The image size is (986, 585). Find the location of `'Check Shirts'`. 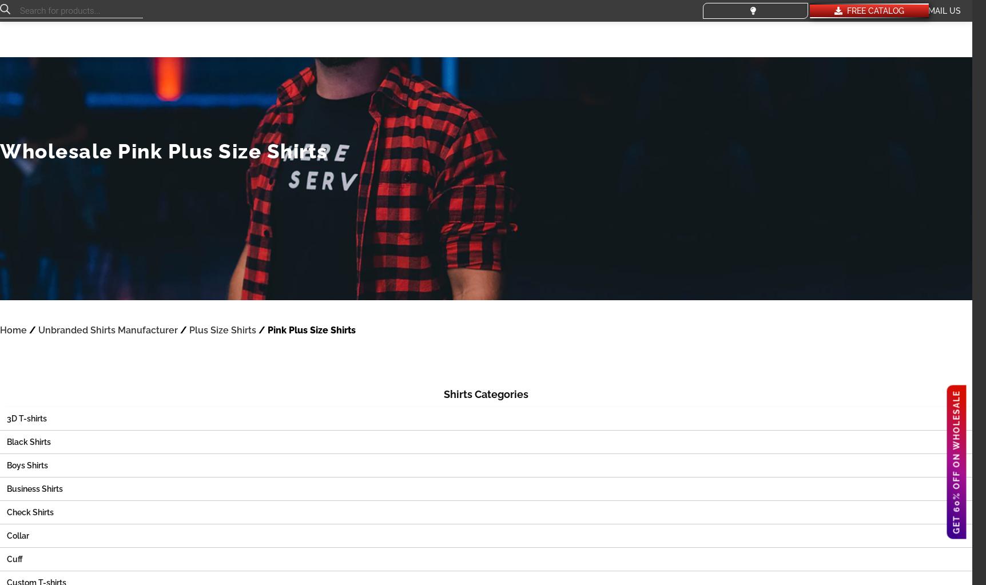

'Check Shirts' is located at coordinates (30, 512).